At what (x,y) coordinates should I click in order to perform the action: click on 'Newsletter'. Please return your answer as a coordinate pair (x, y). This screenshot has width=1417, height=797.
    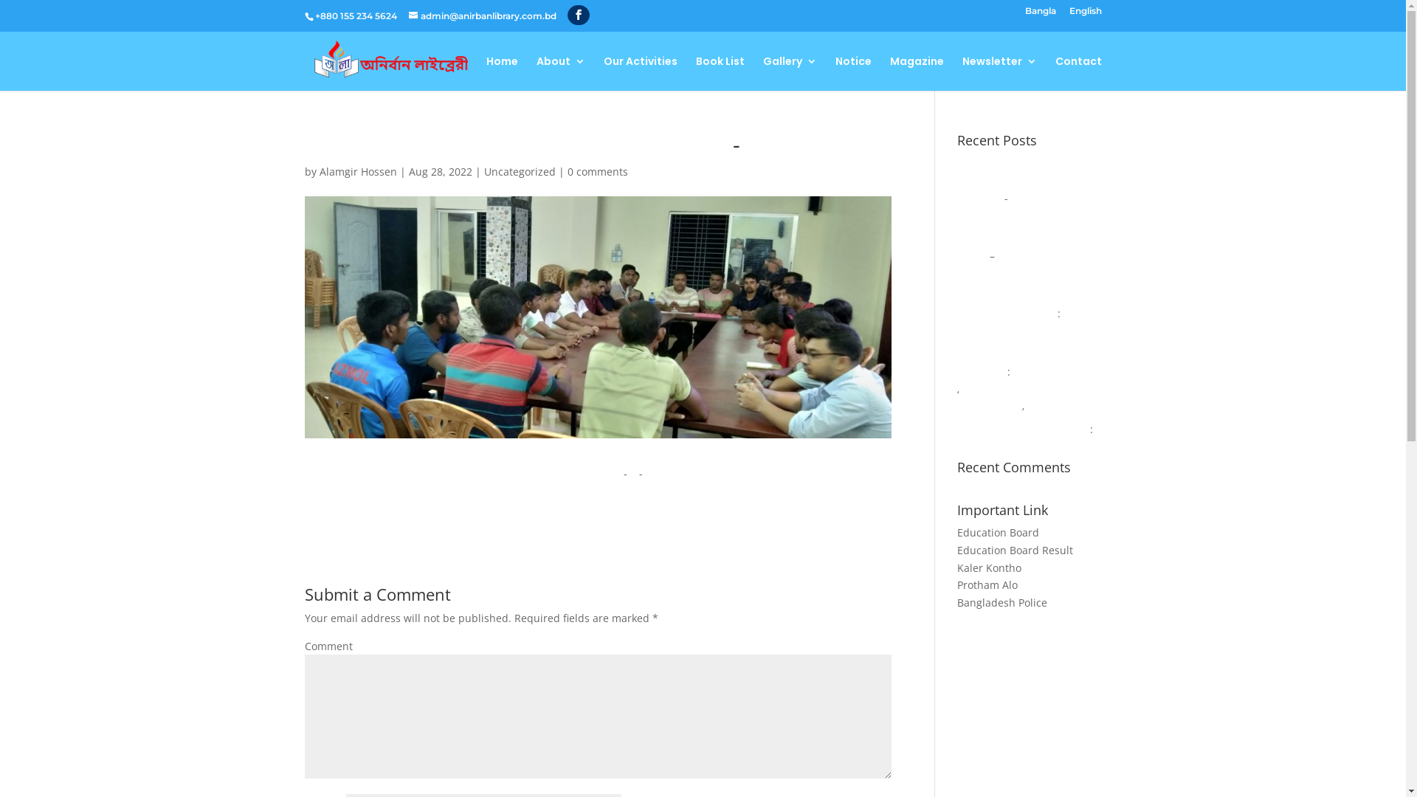
    Looking at the image, I should click on (962, 73).